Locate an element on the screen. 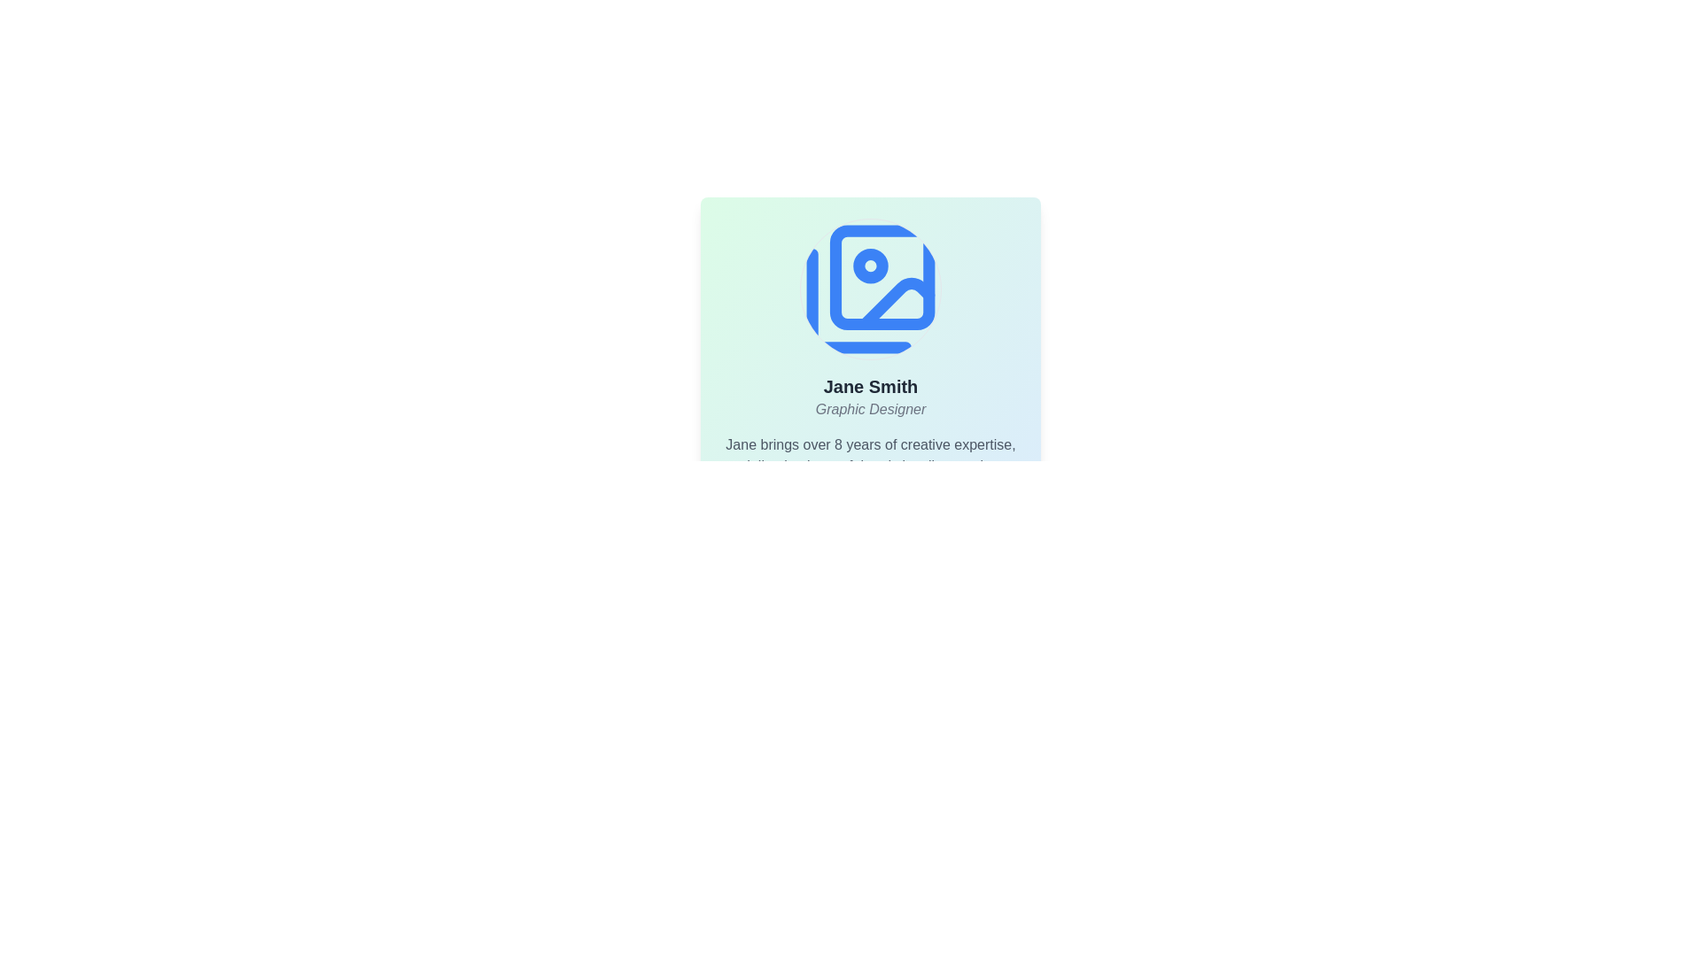  the Text Label displaying 'Jane Smith', which is a bold, extra-large dark gray title positioned below a graphic icon is located at coordinates (871, 385).